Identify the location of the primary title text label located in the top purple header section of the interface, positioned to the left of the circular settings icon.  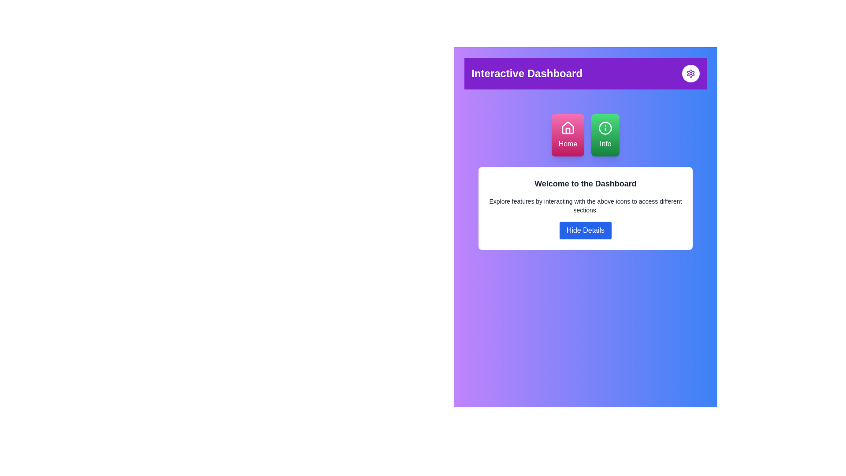
(527, 73).